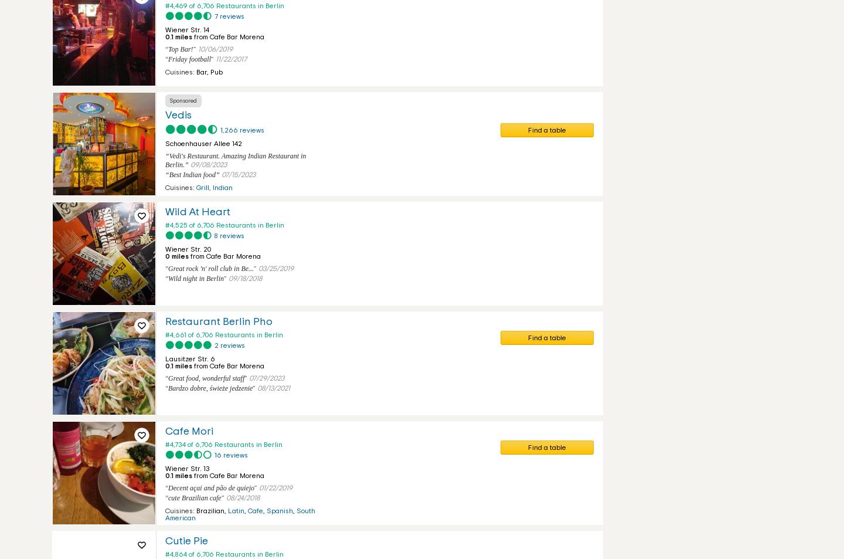  What do you see at coordinates (189, 432) in the screenshot?
I see `'Cafe Mori'` at bounding box center [189, 432].